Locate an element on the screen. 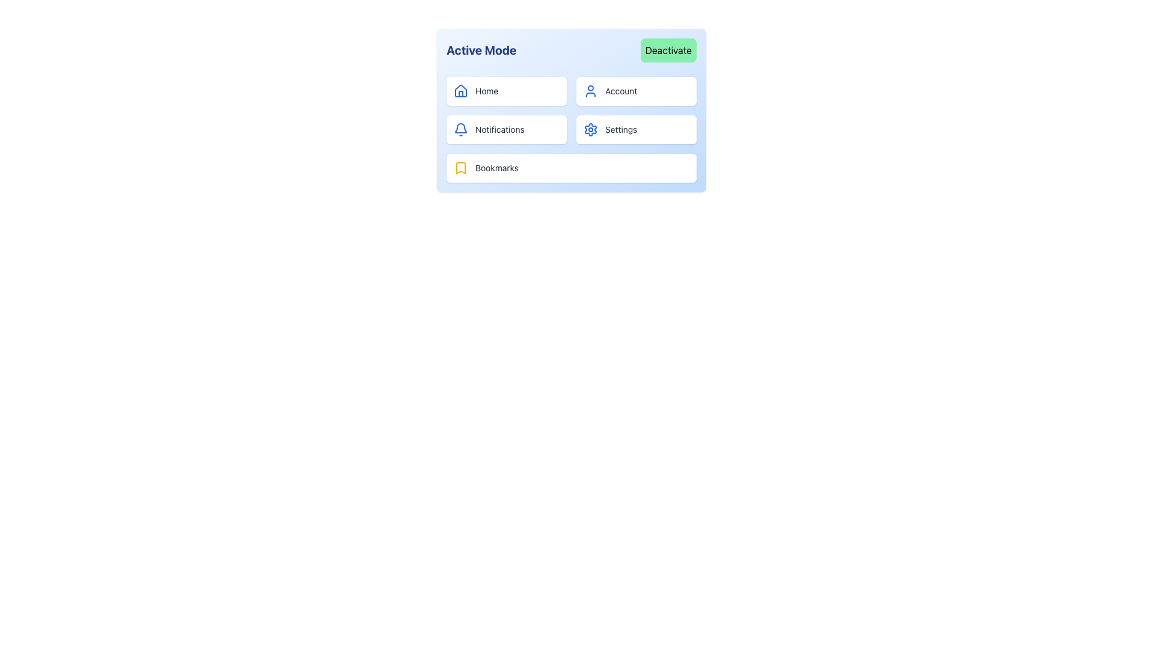 The height and width of the screenshot is (649, 1154). the Account button located in the top-right corner of the navigation options grid is located at coordinates (636, 90).